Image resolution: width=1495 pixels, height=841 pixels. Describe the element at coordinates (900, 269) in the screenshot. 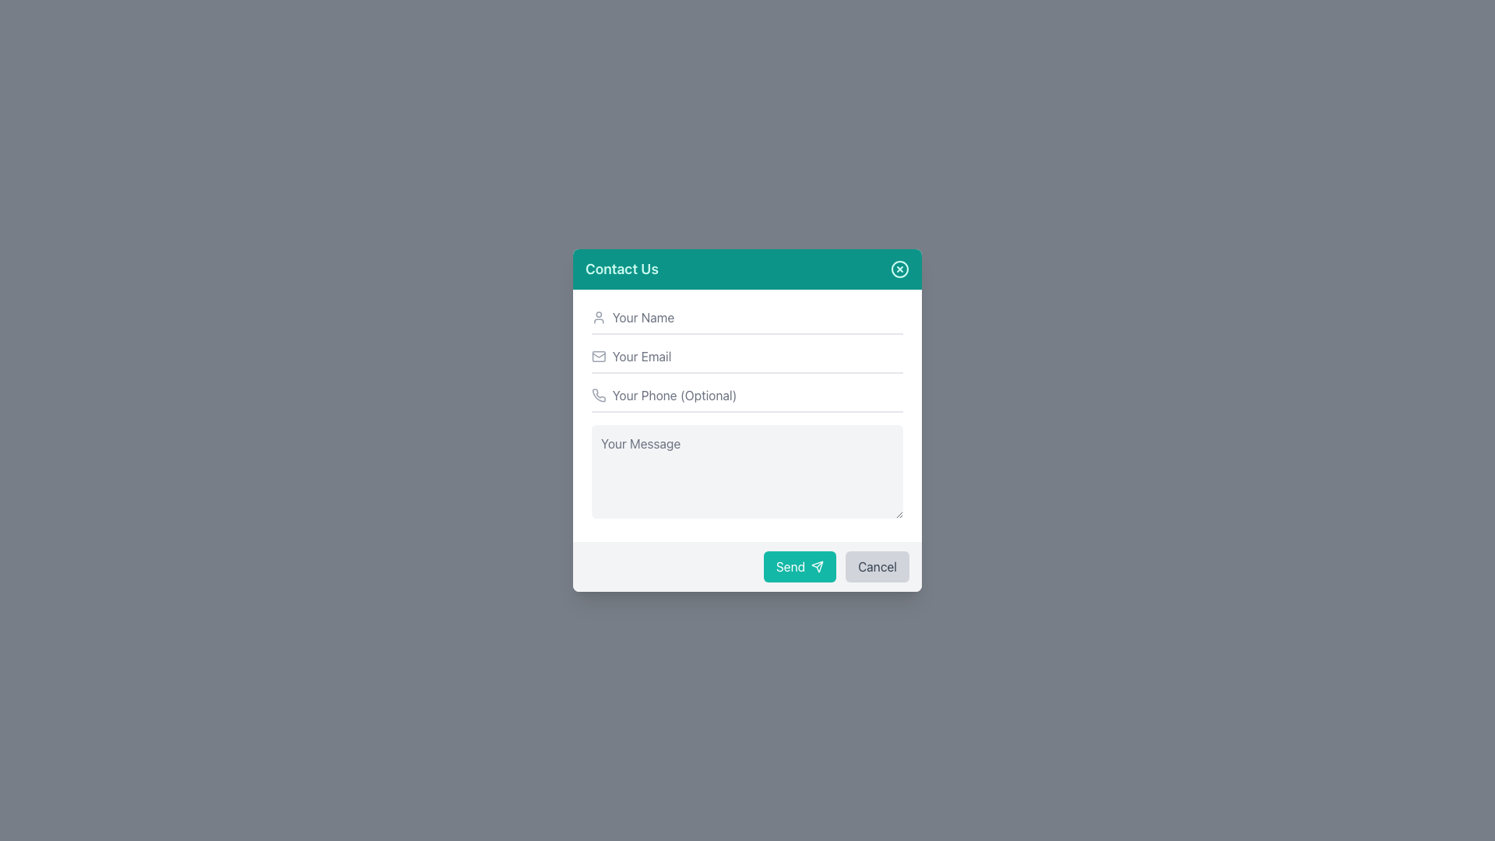

I see `the SVG circle element that is part of the close button inside the green header bar labeled 'Contact Us'` at that location.